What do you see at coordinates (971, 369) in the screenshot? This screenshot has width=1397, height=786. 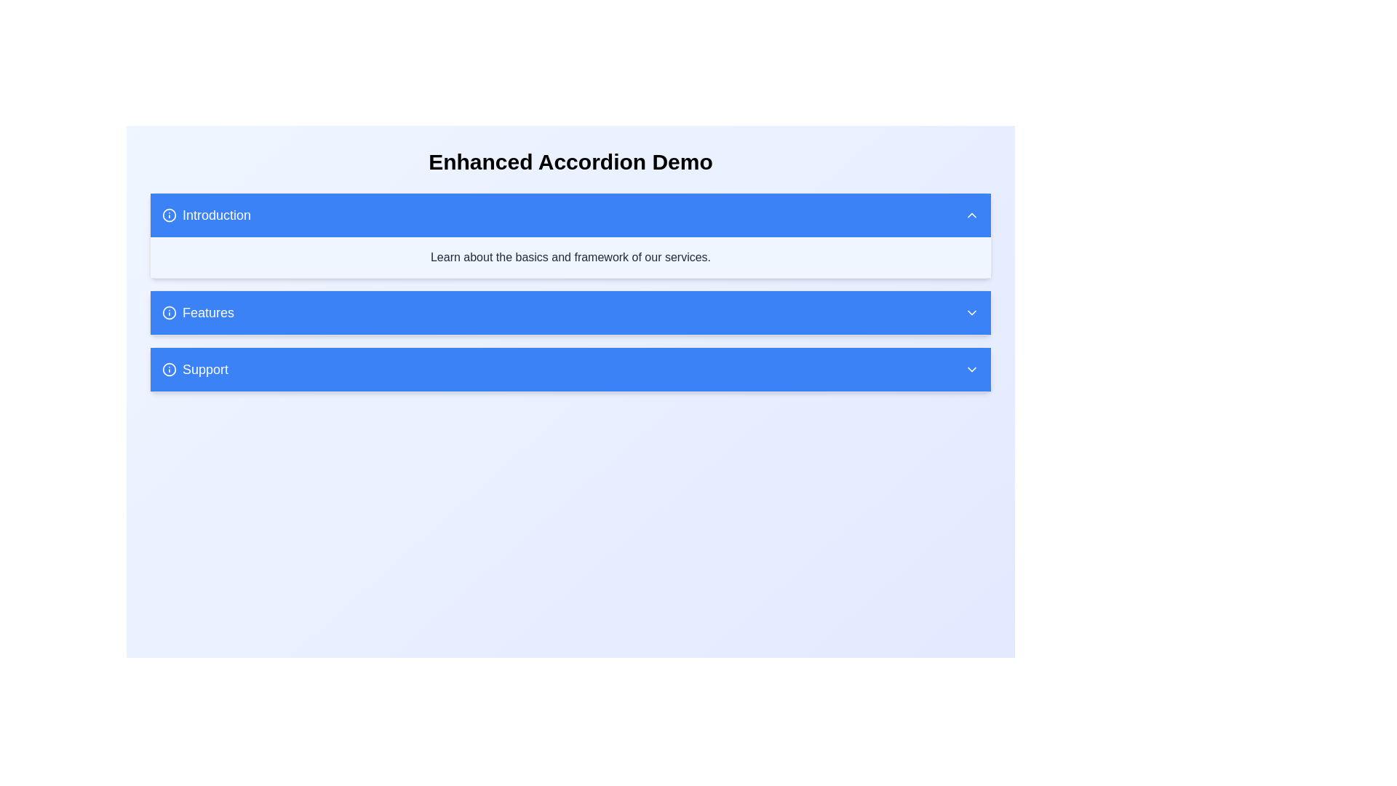 I see `the Dropdown indicator icon located to the right of the 'Support' button to potentially see a tooltip` at bounding box center [971, 369].